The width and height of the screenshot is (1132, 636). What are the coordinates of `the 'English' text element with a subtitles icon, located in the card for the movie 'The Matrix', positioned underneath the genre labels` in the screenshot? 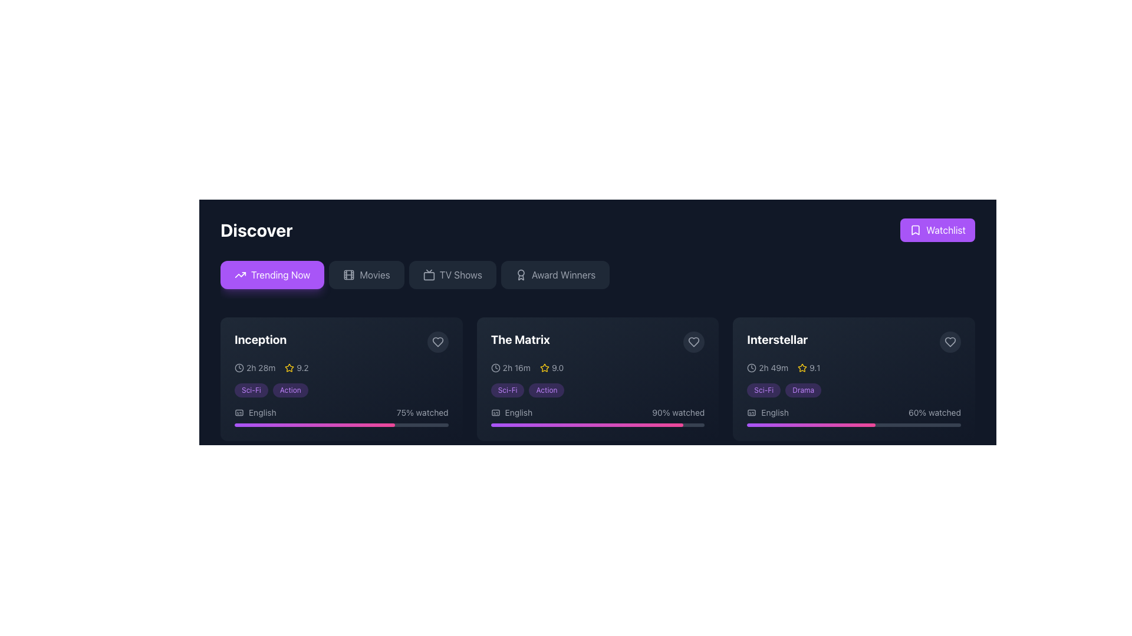 It's located at (512, 412).